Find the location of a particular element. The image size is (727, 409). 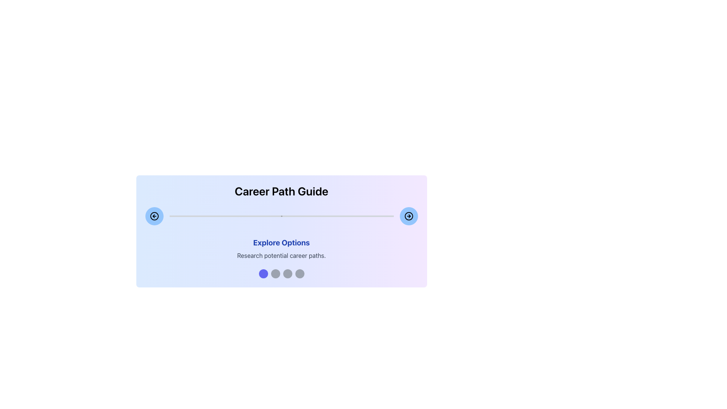

the fourth button in the horizontal row of four buttons, located below the 'Explore Options' text is located at coordinates (299, 273).